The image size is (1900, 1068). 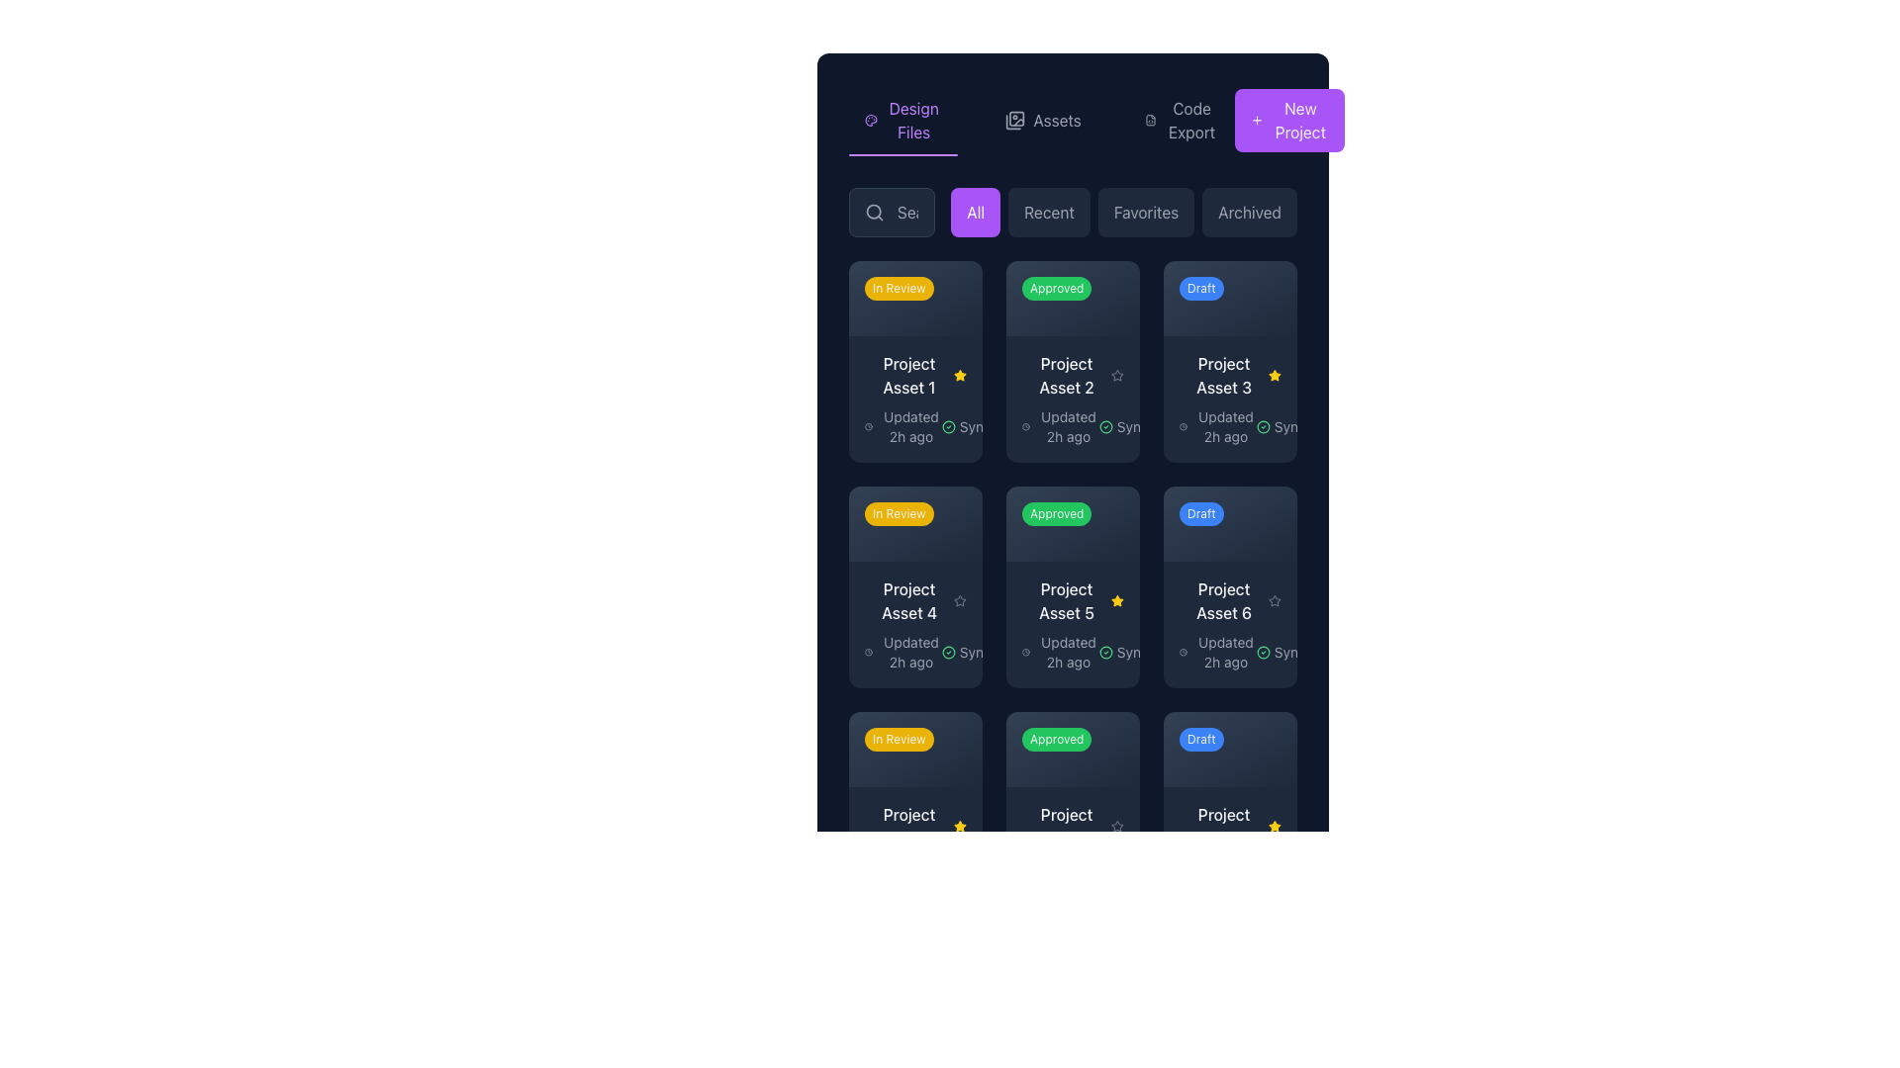 I want to click on the text label with an associated star icon, which identifies a project asset and is the third card, so click(x=1072, y=599).